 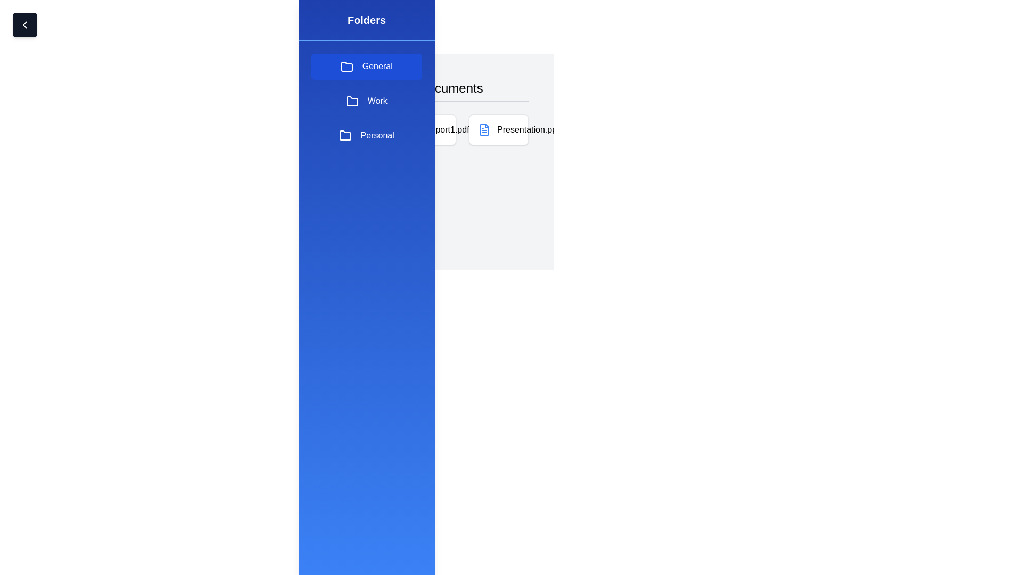 What do you see at coordinates (347, 67) in the screenshot?
I see `the folder-shaped icon located to the left of the 'General' label, which is displayed in white over a blue rectangular button in the sidebar` at bounding box center [347, 67].